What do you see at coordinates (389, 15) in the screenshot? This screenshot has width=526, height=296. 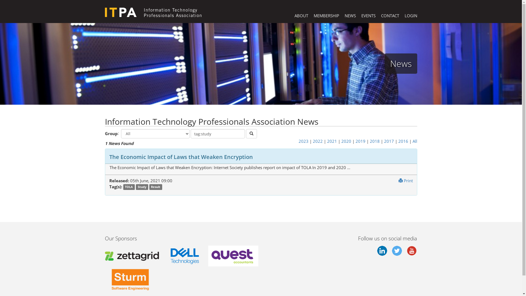 I see `'CONTACT'` at bounding box center [389, 15].